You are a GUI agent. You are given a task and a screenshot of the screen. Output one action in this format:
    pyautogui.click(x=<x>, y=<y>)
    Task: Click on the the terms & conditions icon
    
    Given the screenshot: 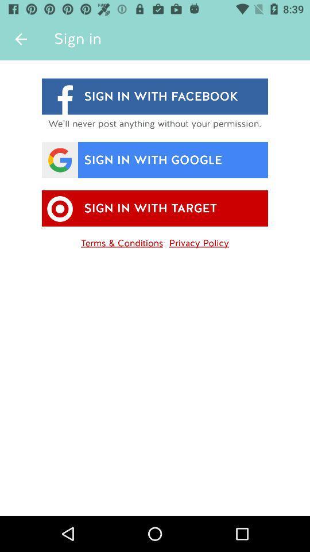 What is the action you would take?
    pyautogui.click(x=121, y=240)
    